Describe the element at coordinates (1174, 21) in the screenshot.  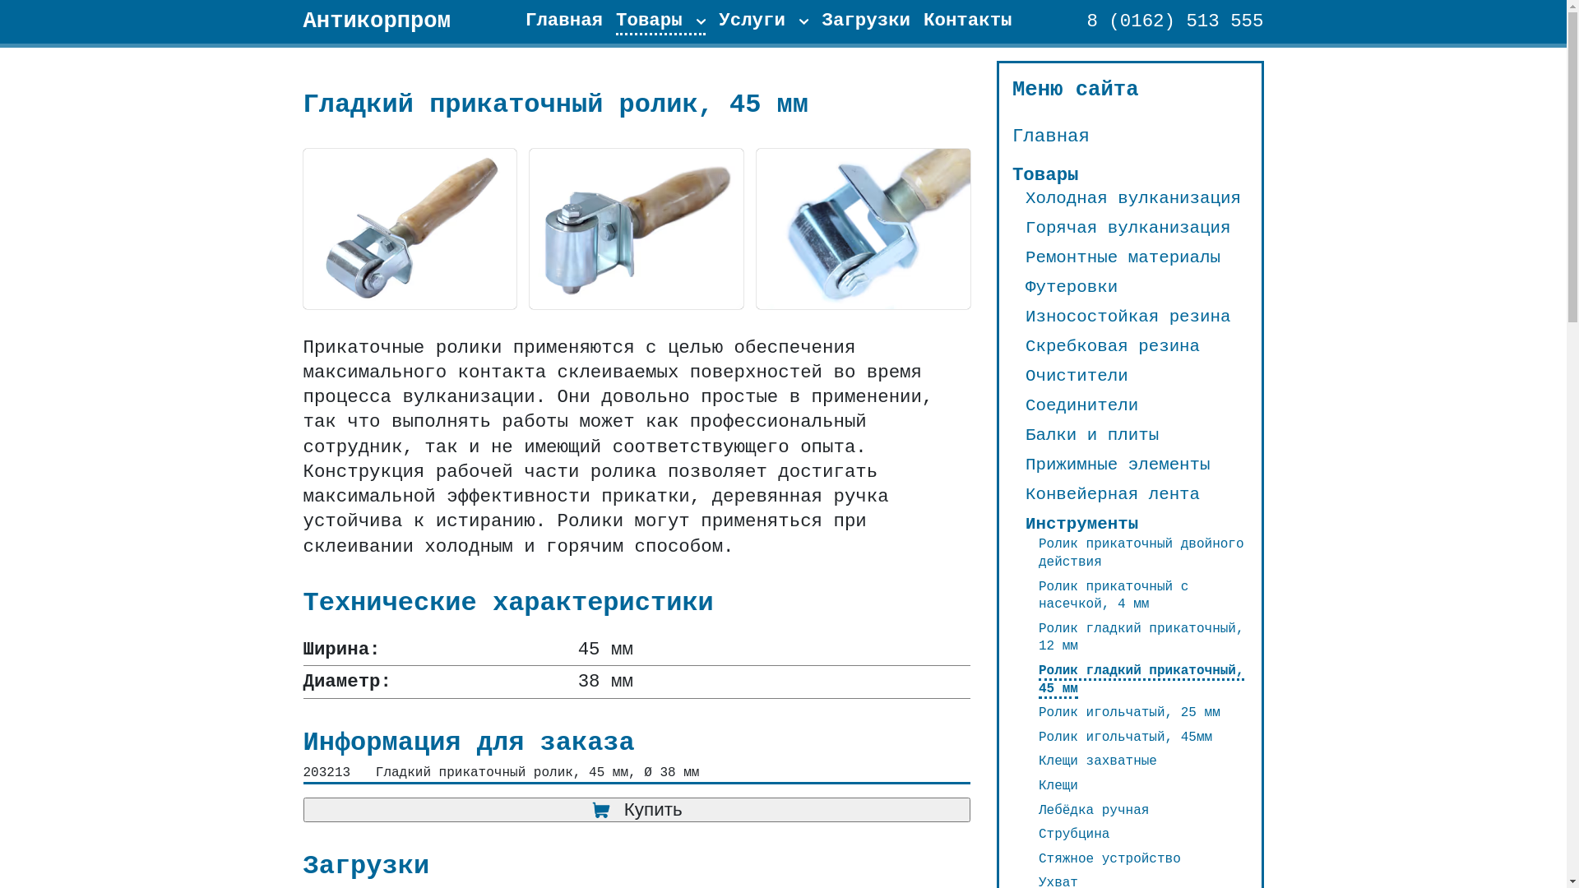
I see `'8 (0162) 513 555'` at that location.